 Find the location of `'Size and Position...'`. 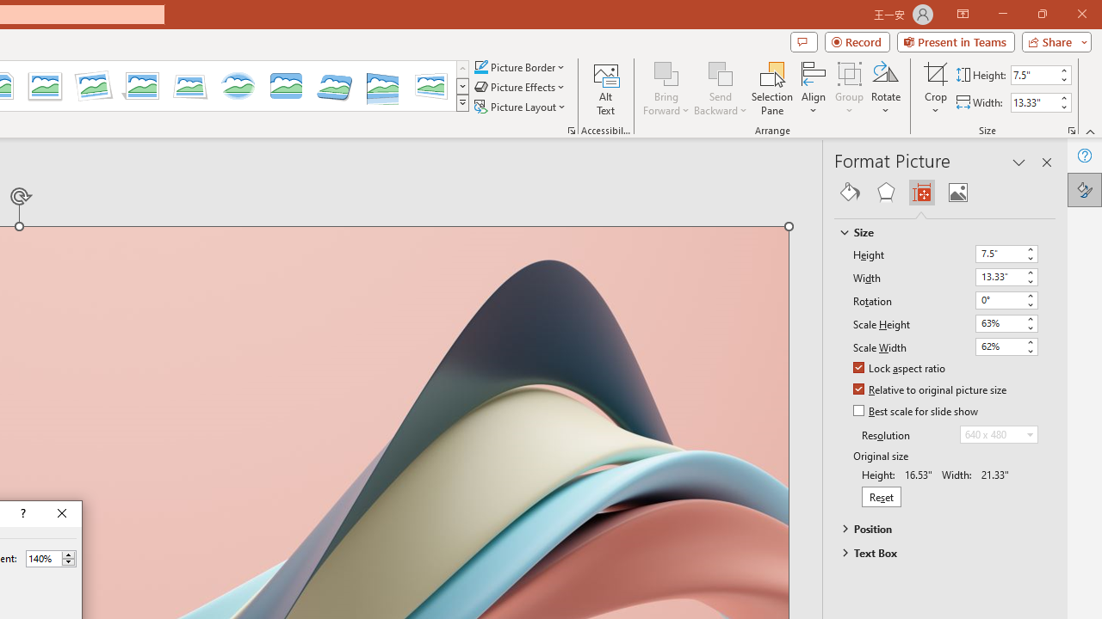

'Size and Position...' is located at coordinates (1070, 129).